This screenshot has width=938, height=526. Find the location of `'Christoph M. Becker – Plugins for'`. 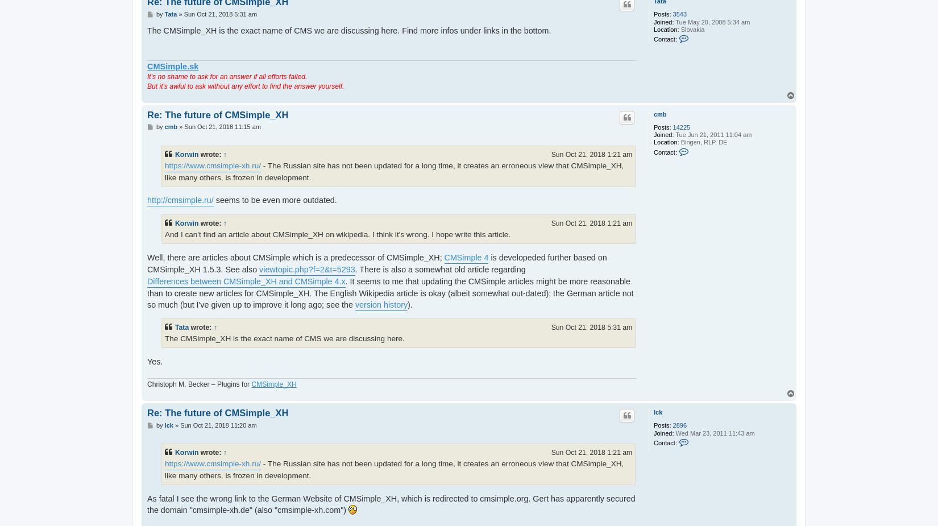

'Christoph M. Becker – Plugins for' is located at coordinates (199, 384).